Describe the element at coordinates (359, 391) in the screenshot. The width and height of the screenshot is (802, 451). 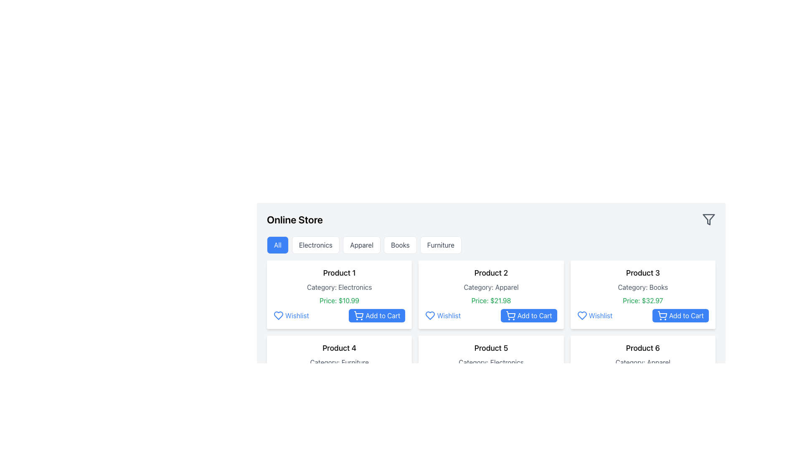
I see `the shopping cart icon representation within the 'Add to Cart' button located at the bottom right of the product card for 'Product 1'` at that location.